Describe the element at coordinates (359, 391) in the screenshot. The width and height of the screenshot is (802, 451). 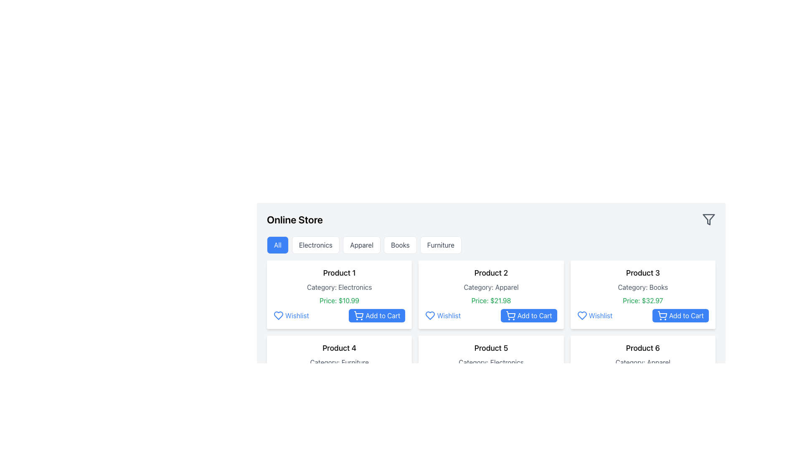
I see `the shopping cart icon representation within the 'Add to Cart' button located at the bottom right of the product card for 'Product 1'` at that location.